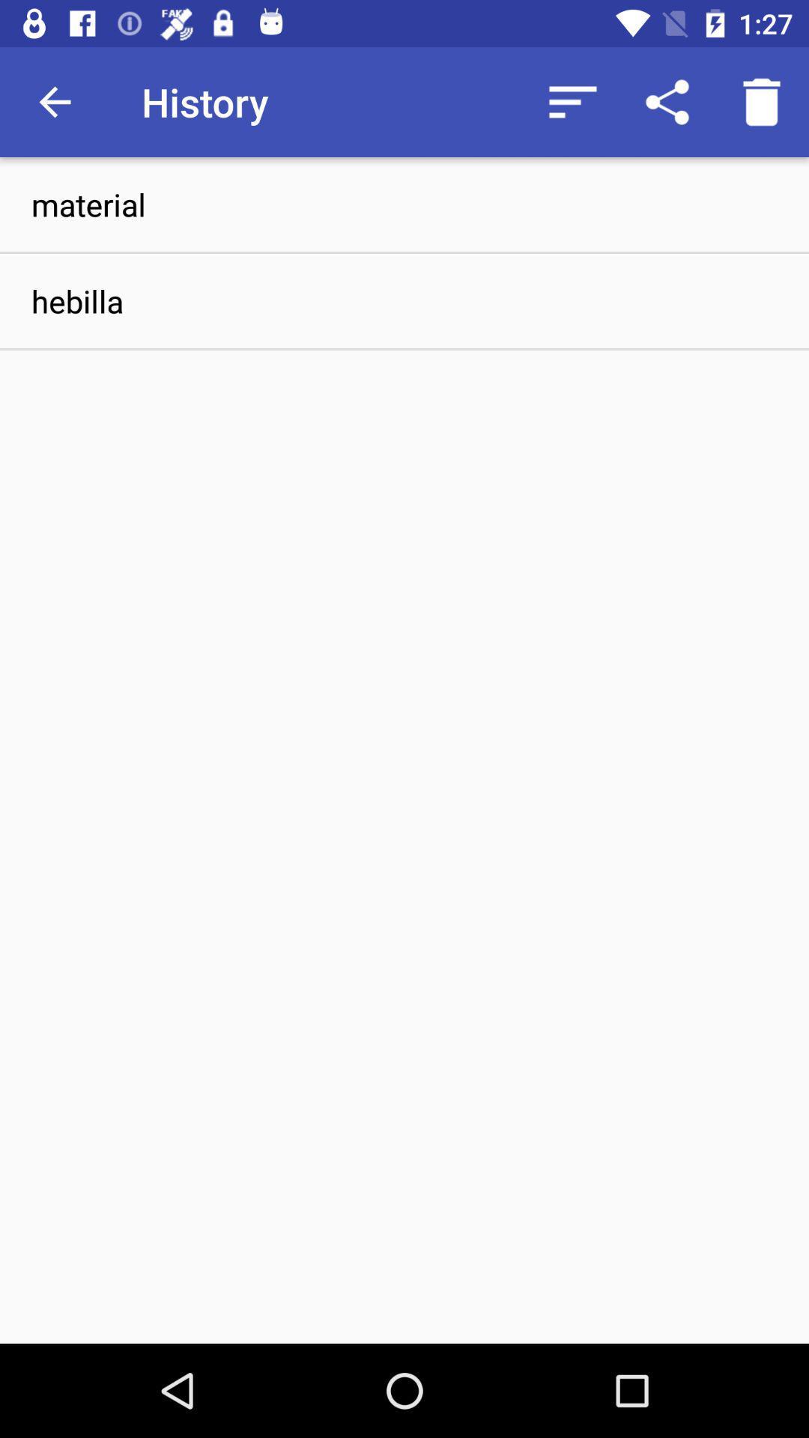 The width and height of the screenshot is (809, 1438). Describe the element at coordinates (572, 101) in the screenshot. I see `icon above material` at that location.